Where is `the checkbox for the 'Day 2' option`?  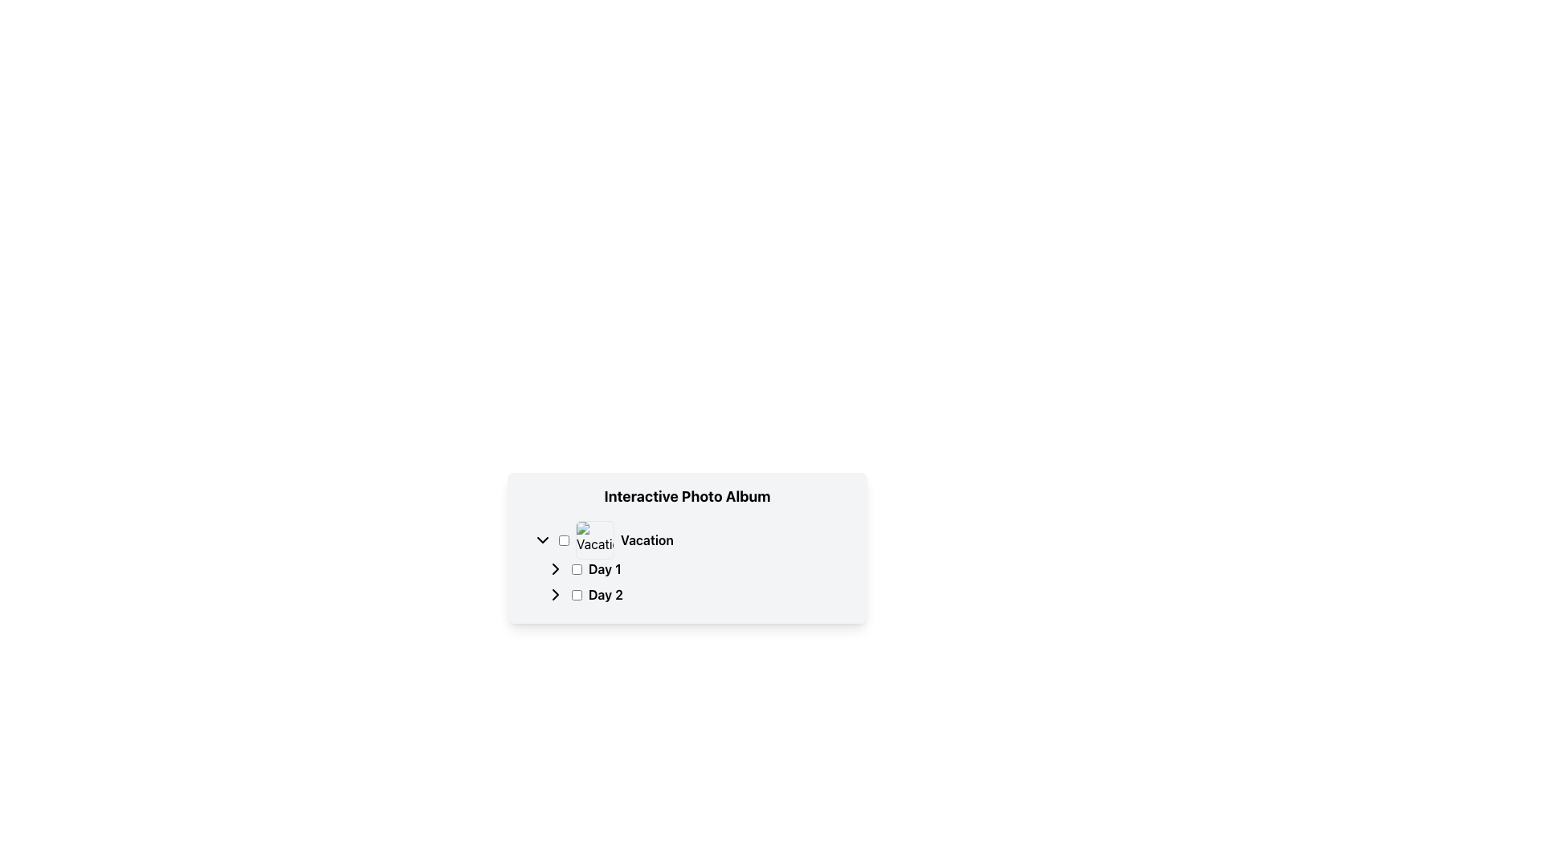 the checkbox for the 'Day 2' option is located at coordinates (577, 594).